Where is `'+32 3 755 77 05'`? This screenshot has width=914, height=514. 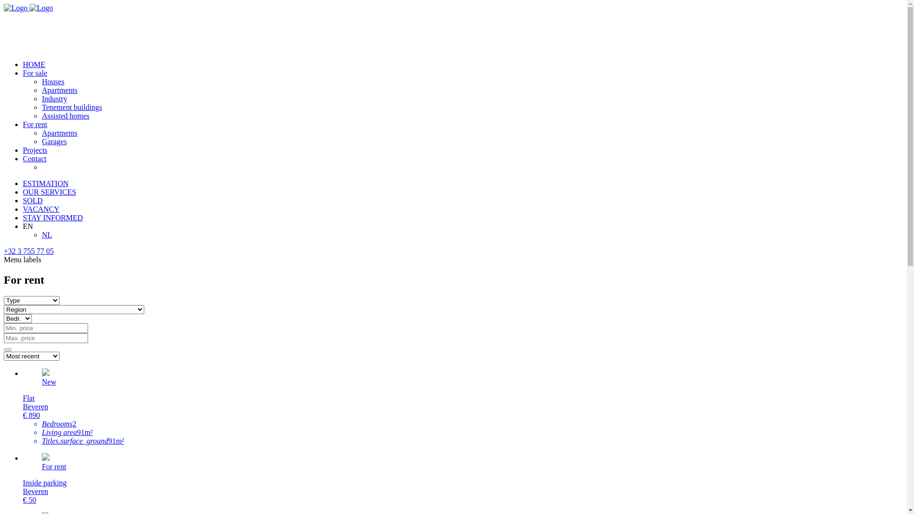 '+32 3 755 77 05' is located at coordinates (4, 250).